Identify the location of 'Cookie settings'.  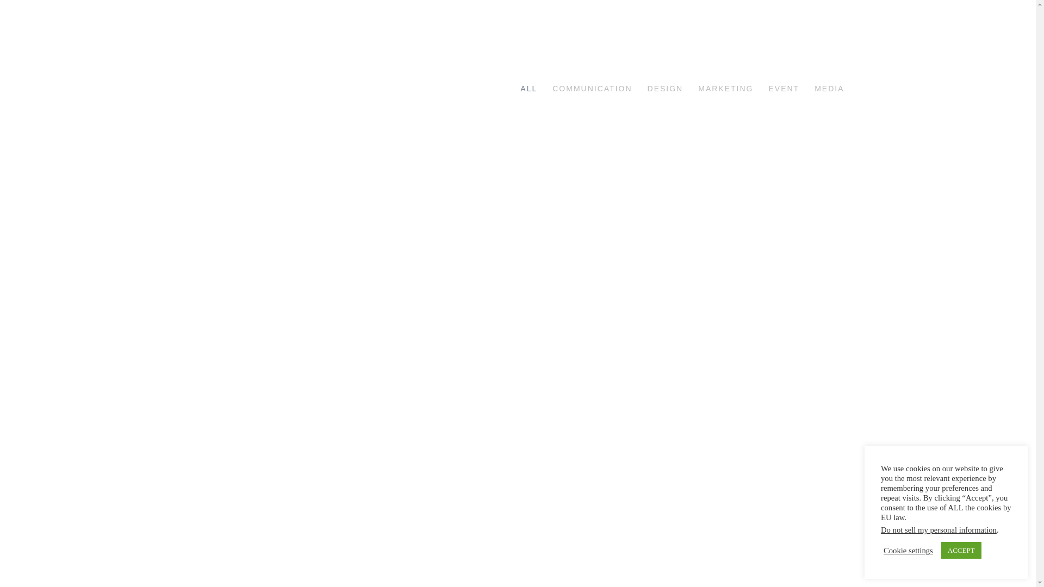
(884, 551).